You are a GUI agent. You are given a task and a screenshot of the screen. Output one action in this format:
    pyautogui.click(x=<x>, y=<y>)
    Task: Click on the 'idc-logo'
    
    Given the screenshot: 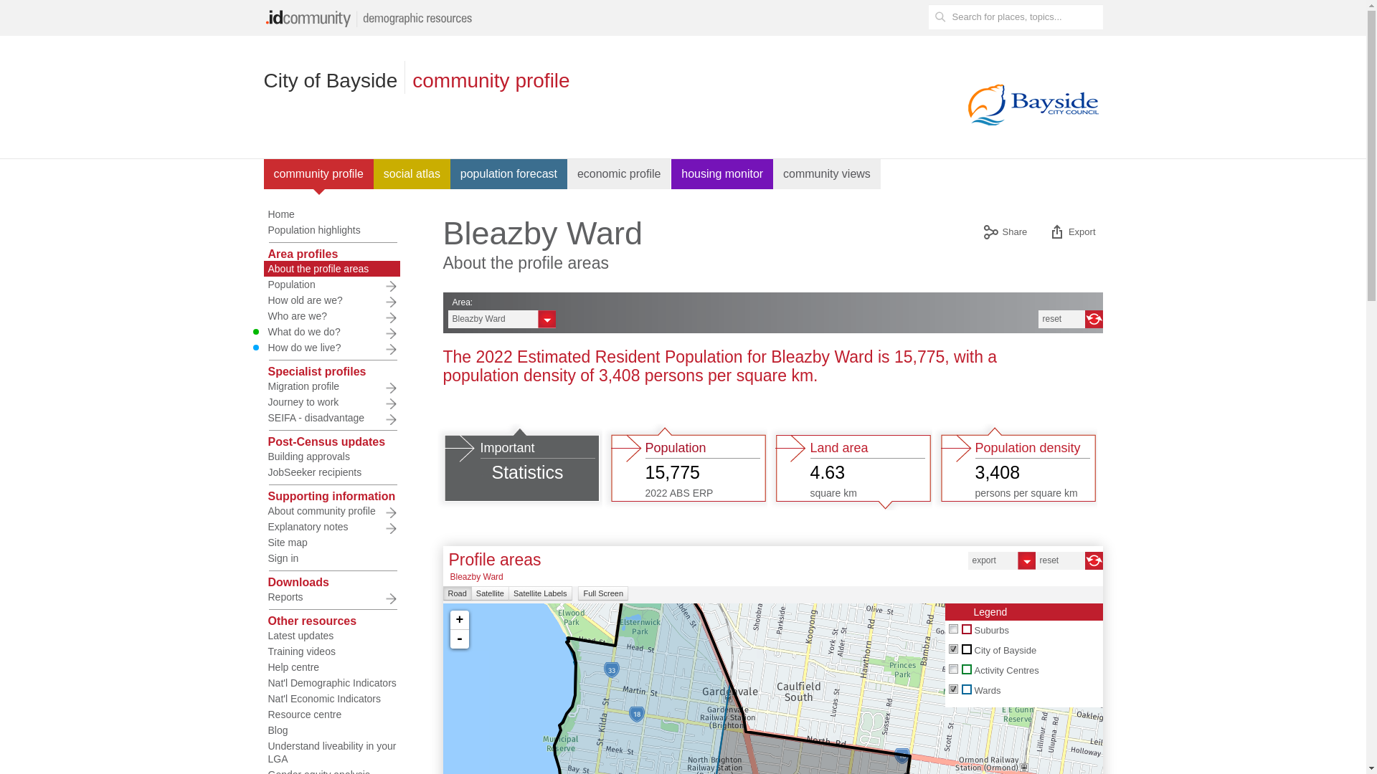 What is the action you would take?
    pyautogui.click(x=372, y=17)
    